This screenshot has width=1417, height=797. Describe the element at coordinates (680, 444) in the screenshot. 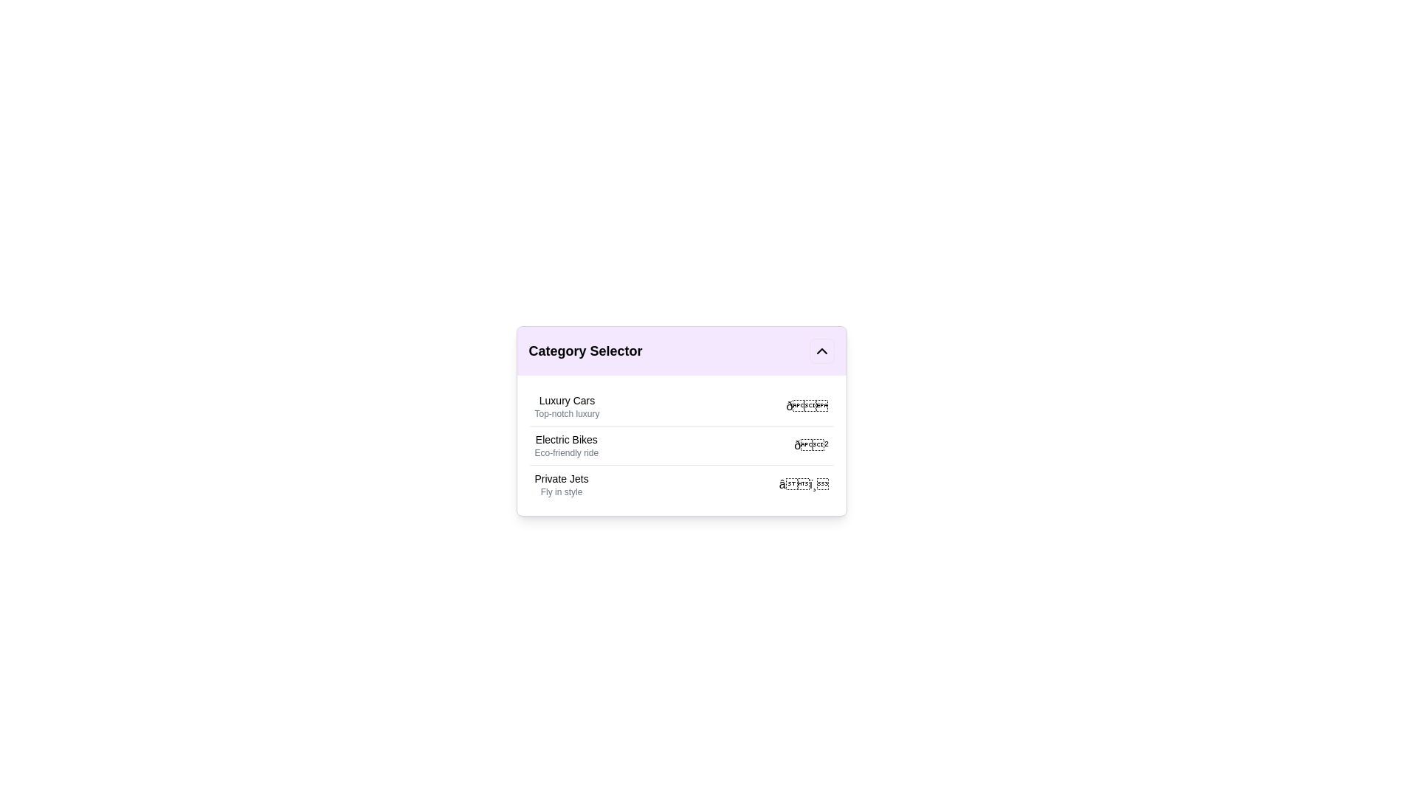

I see `the 'Electric Bikes' list item in the 'Category Selector'` at that location.